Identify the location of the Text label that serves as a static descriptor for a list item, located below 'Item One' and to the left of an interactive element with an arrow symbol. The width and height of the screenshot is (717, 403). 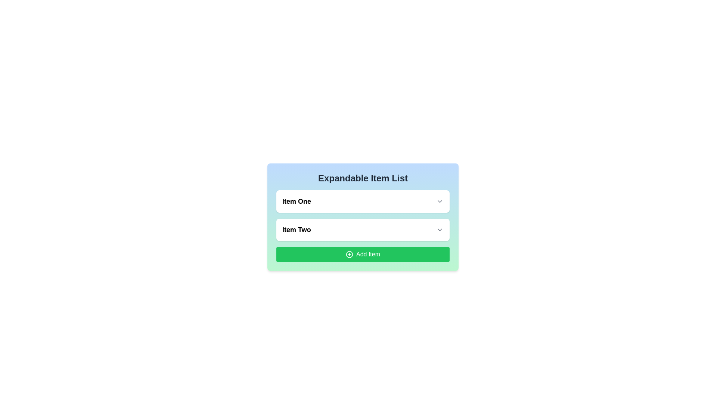
(296, 229).